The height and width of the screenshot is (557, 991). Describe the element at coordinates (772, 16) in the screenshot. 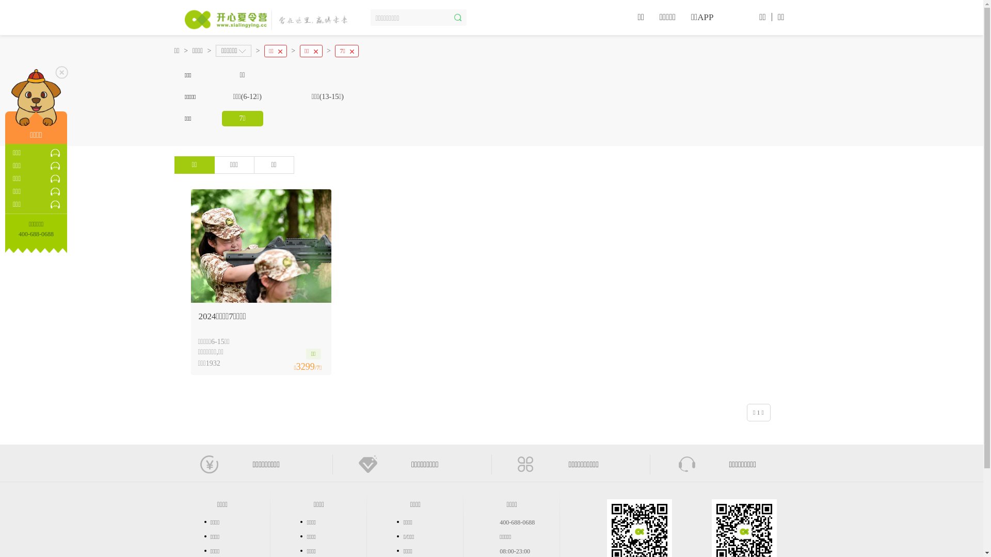

I see `'|'` at that location.